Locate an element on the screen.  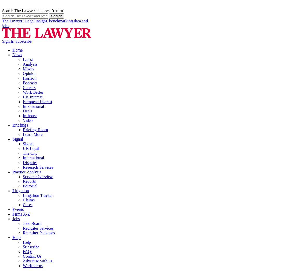
'Search The Lawyer and press 'return'' is located at coordinates (2, 10).